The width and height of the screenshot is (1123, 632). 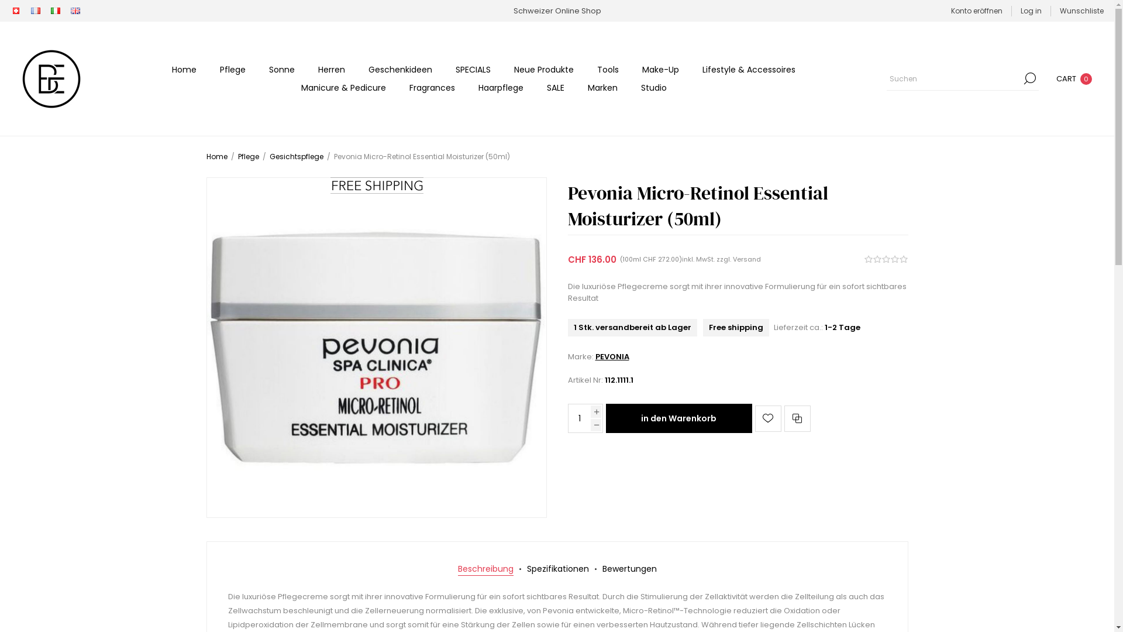 I want to click on 'SPECIALS', so click(x=473, y=70).